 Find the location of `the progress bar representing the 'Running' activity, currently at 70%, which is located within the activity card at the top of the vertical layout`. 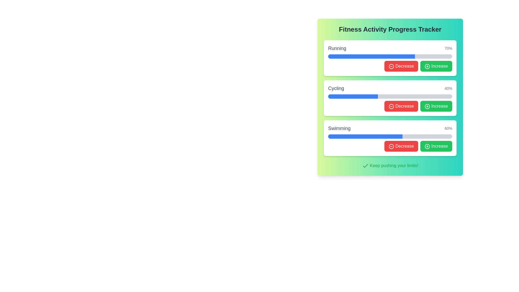

the progress bar representing the 'Running' activity, currently at 70%, which is located within the activity card at the top of the vertical layout is located at coordinates (390, 56).